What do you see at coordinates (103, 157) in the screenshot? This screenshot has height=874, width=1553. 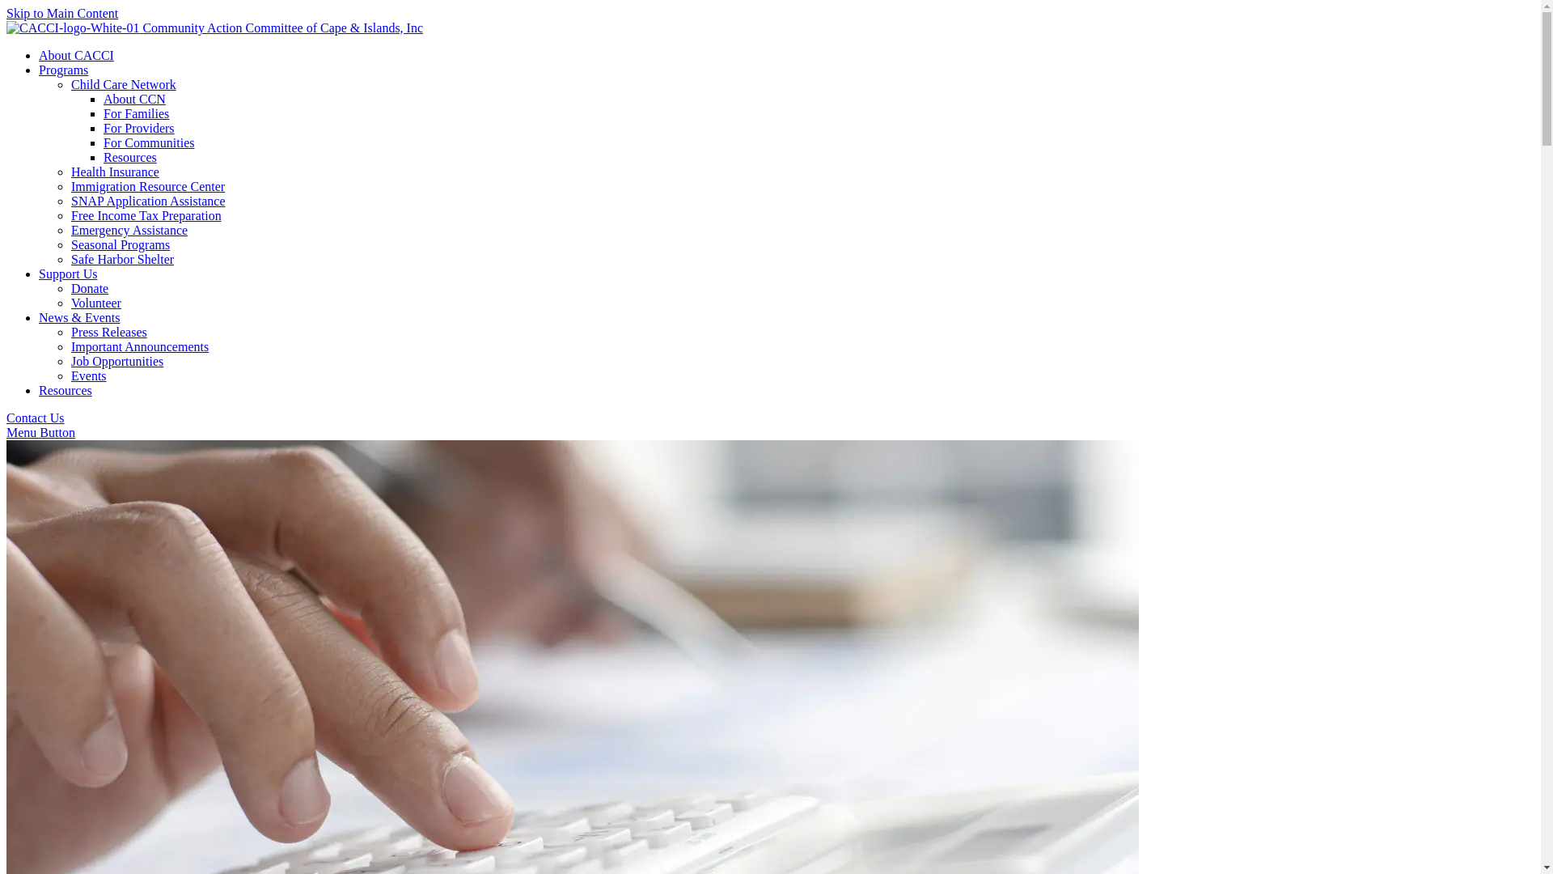 I see `'Resources'` at bounding box center [103, 157].